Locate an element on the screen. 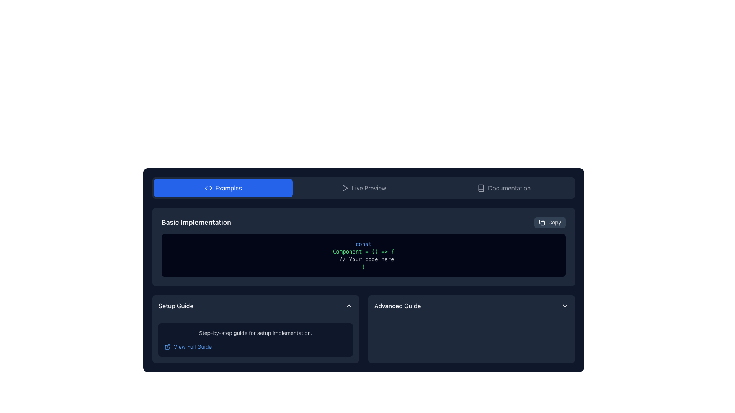 This screenshot has width=735, height=413. the small rectangular icon shape located in the top-right area of the interface section, which is positioned within a larger document-like icon is located at coordinates (542, 223).